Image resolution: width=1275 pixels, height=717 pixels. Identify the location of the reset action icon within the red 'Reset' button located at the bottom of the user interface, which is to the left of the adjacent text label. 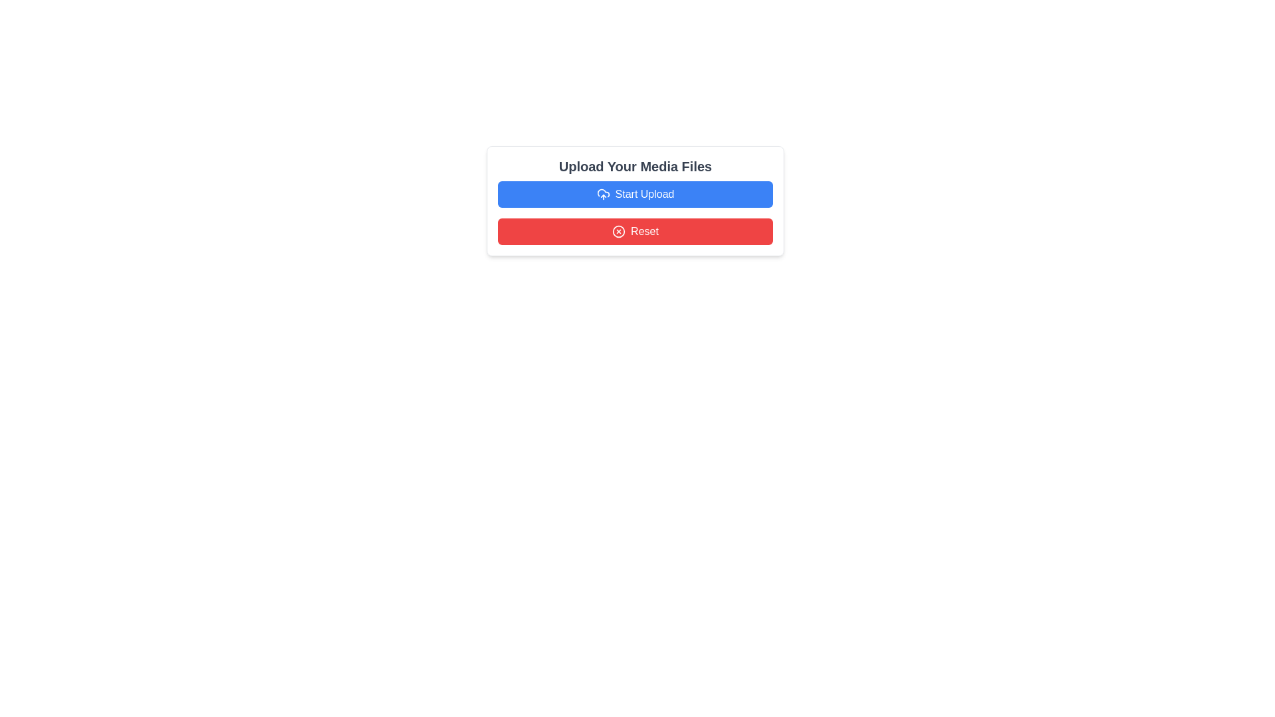
(618, 230).